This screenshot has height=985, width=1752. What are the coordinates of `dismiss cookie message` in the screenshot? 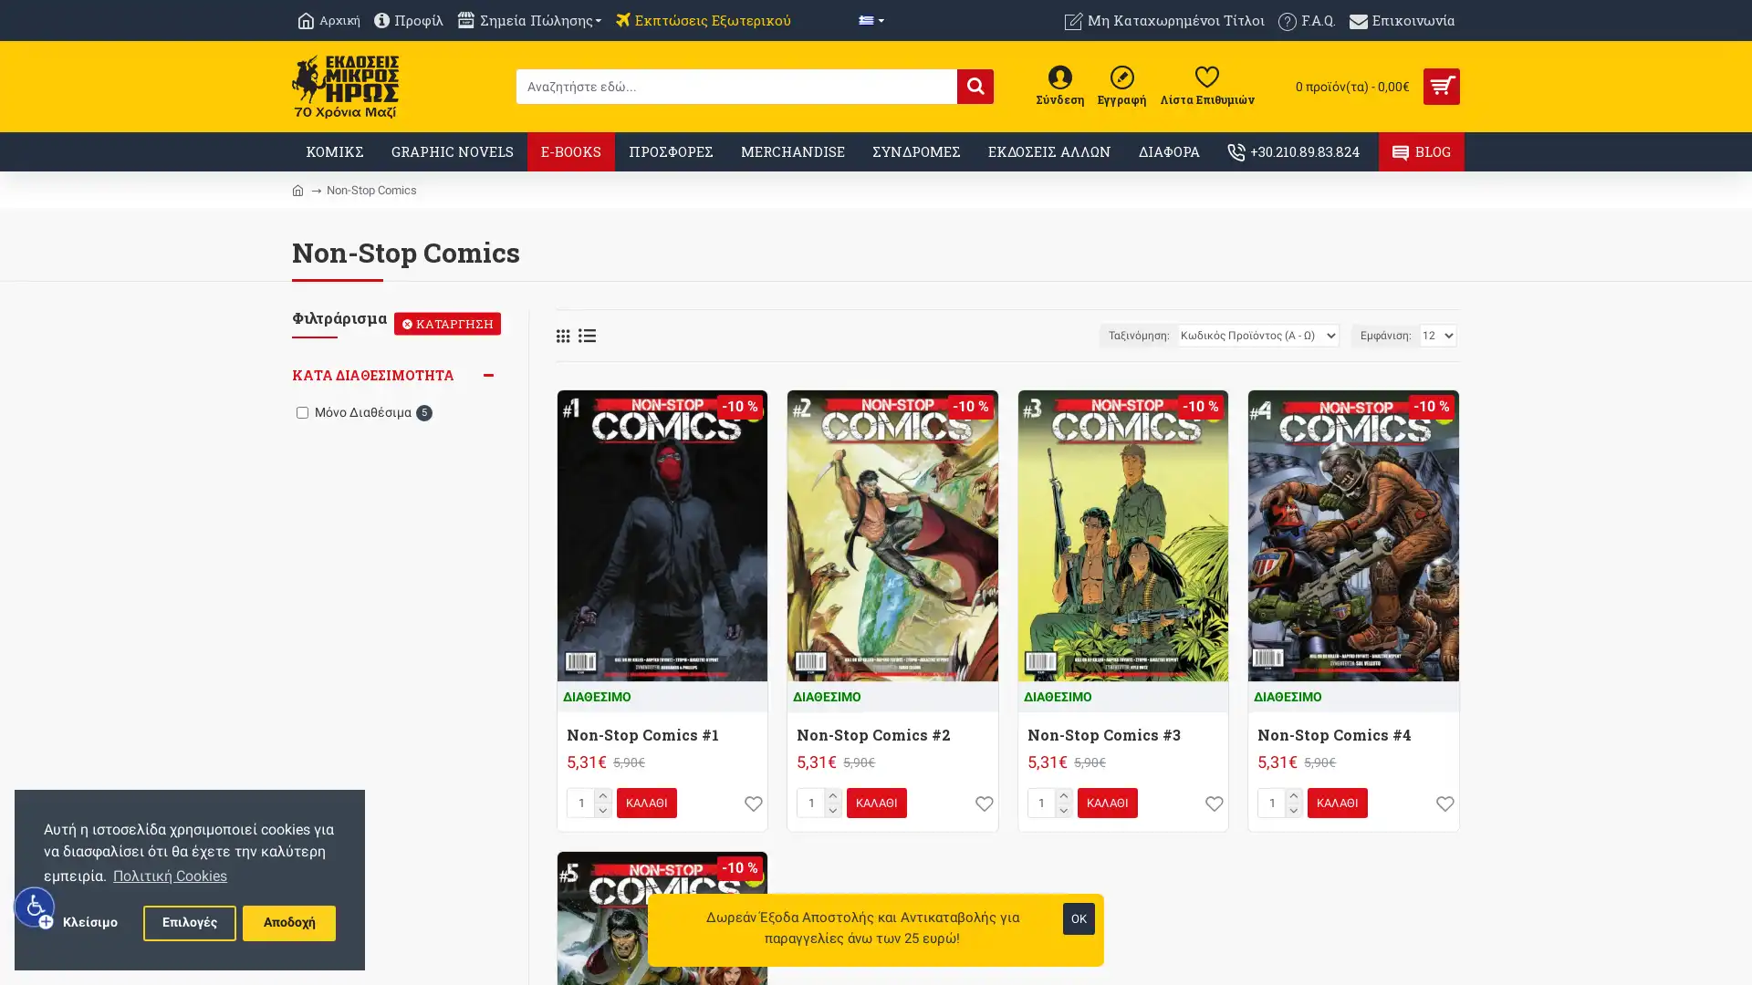 It's located at (89, 922).